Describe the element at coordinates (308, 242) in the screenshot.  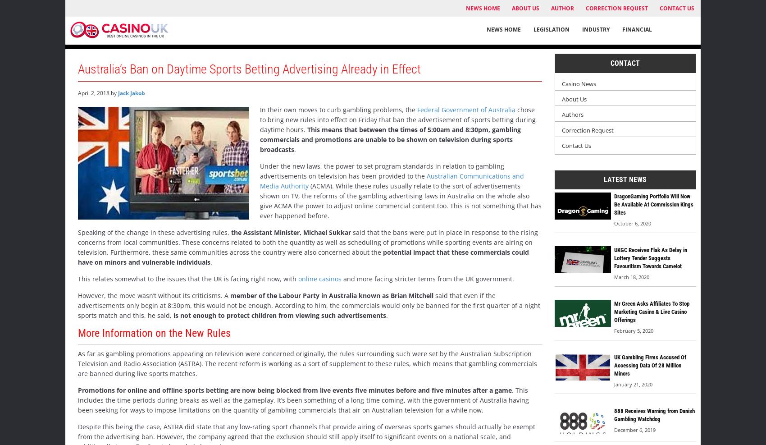
I see `'said that the bans were put in place in response to the rising concerns from local communities. These concerns related to both the quantity as well as scheduling of promotions while sporting events are airing on television. Furthermore, these same communities across the country were also concerned about the'` at that location.